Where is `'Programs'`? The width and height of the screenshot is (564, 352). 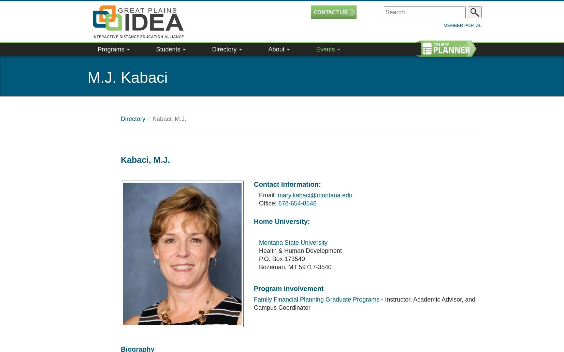 'Programs' is located at coordinates (111, 33).